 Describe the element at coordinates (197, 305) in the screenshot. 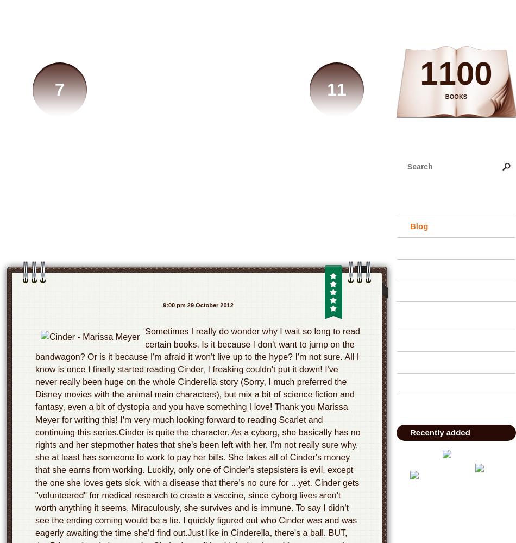

I see `'9:00 pm 29 October 2012'` at that location.